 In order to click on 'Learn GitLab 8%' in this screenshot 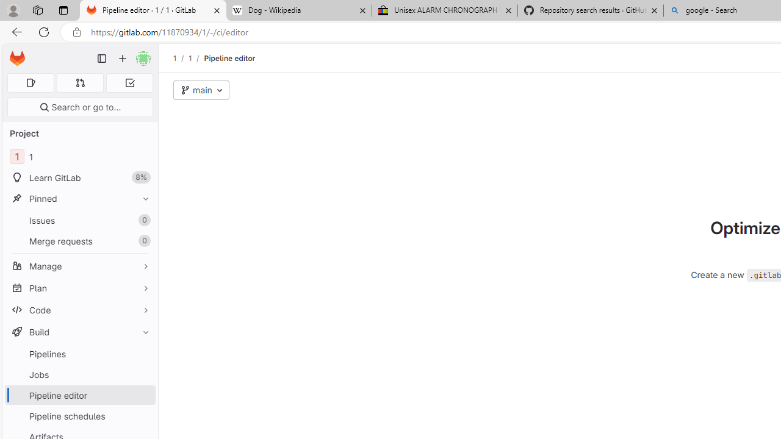, I will do `click(79, 177)`.